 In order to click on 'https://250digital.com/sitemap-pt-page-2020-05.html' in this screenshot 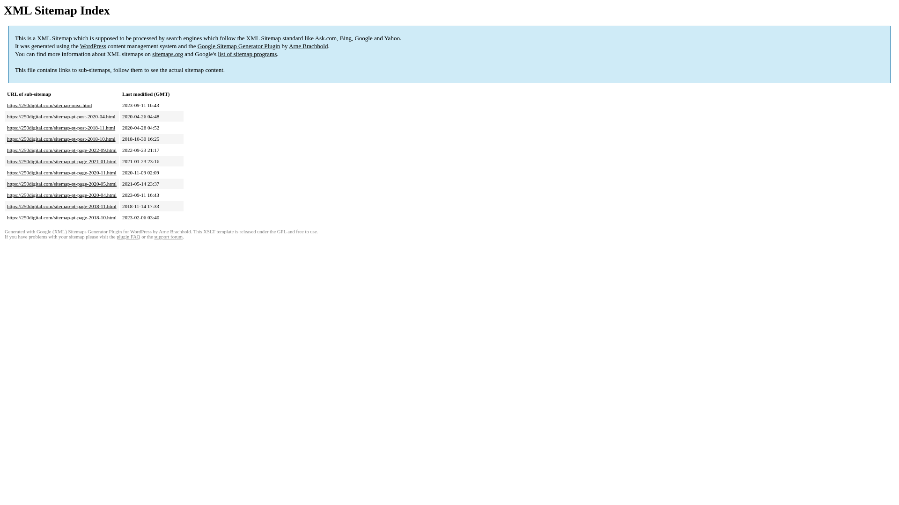, I will do `click(61, 184)`.